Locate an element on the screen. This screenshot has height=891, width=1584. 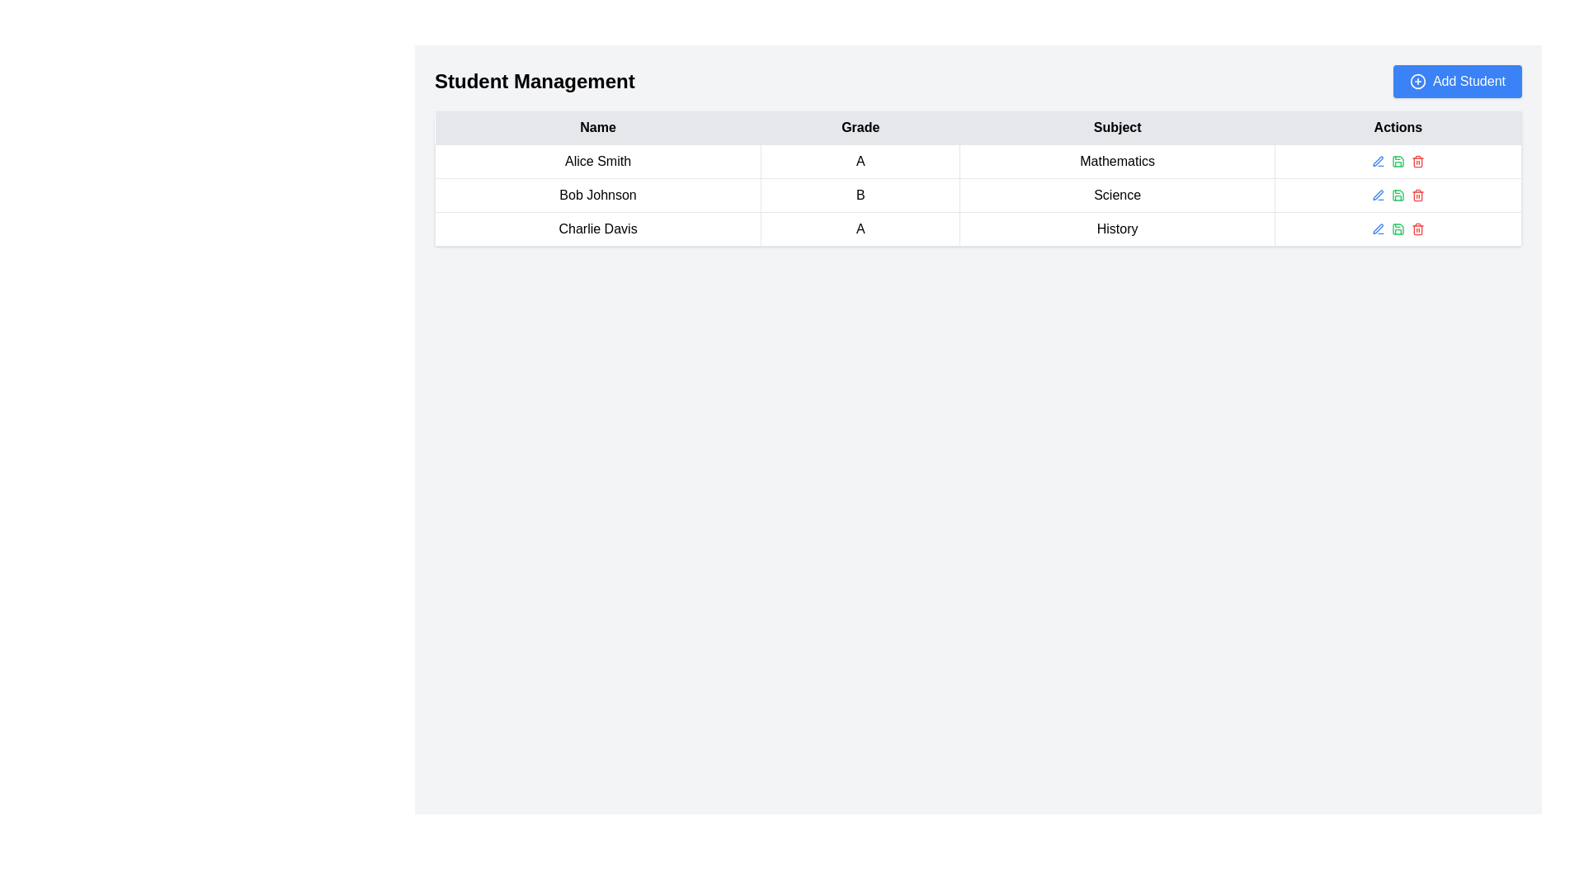
the trash bin icon button located in the 'Actions' column of the last row associated with 'Charlie Davis' is located at coordinates (1417, 196).